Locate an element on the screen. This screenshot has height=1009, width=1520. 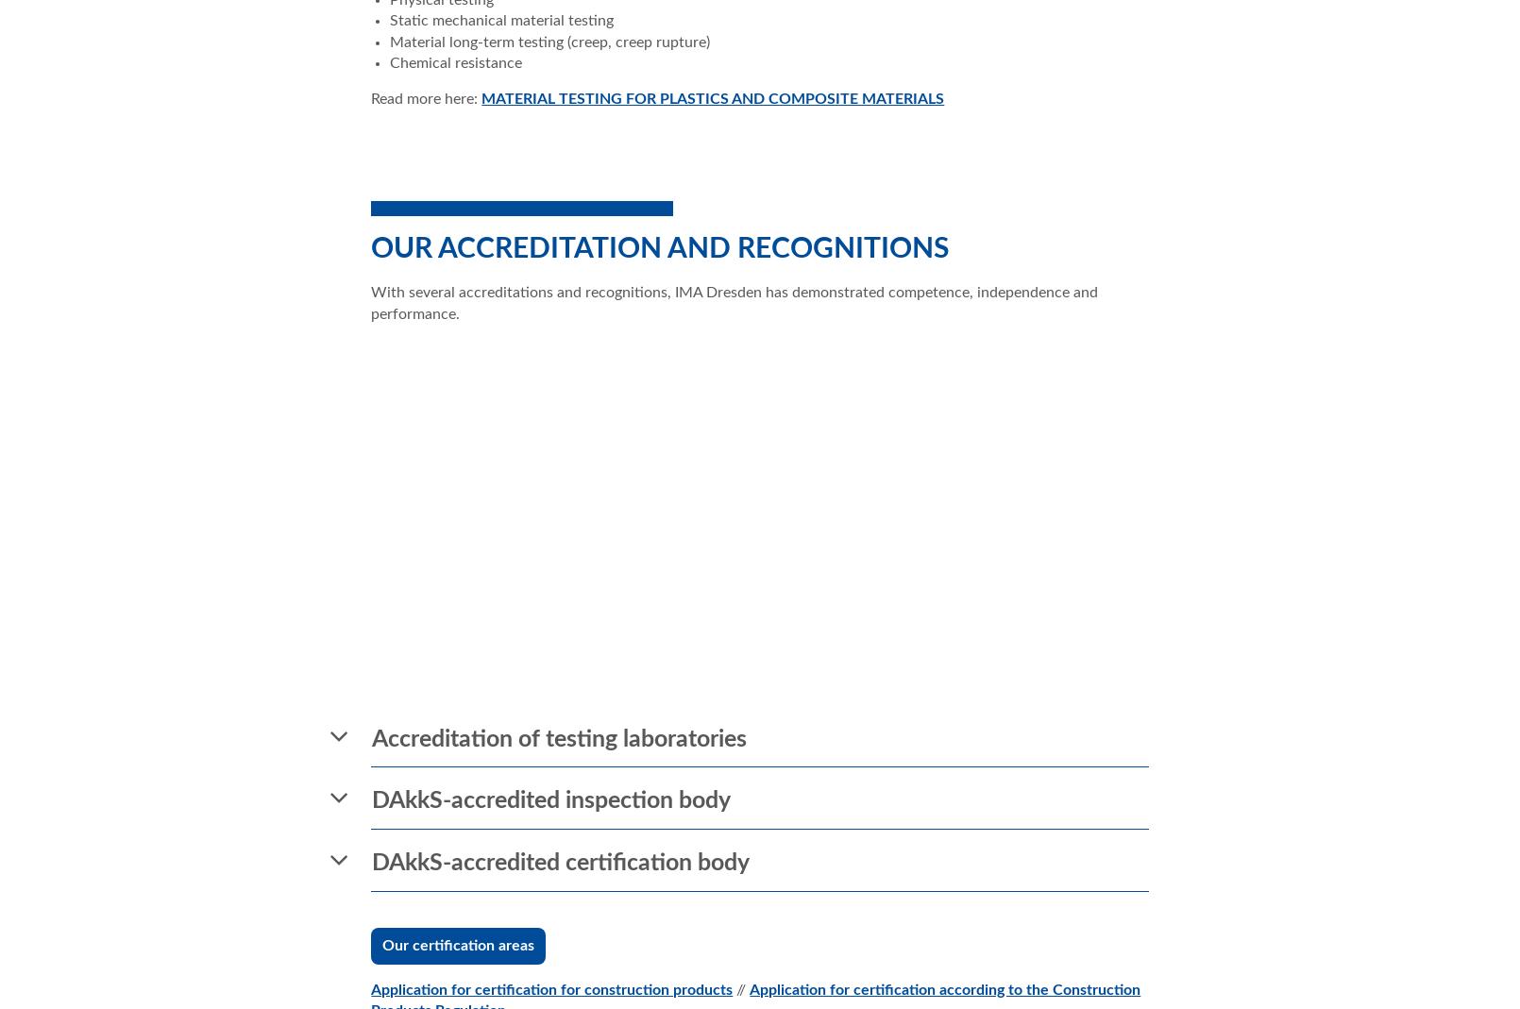
'DAkkS-accredited certification body' is located at coordinates (560, 862).